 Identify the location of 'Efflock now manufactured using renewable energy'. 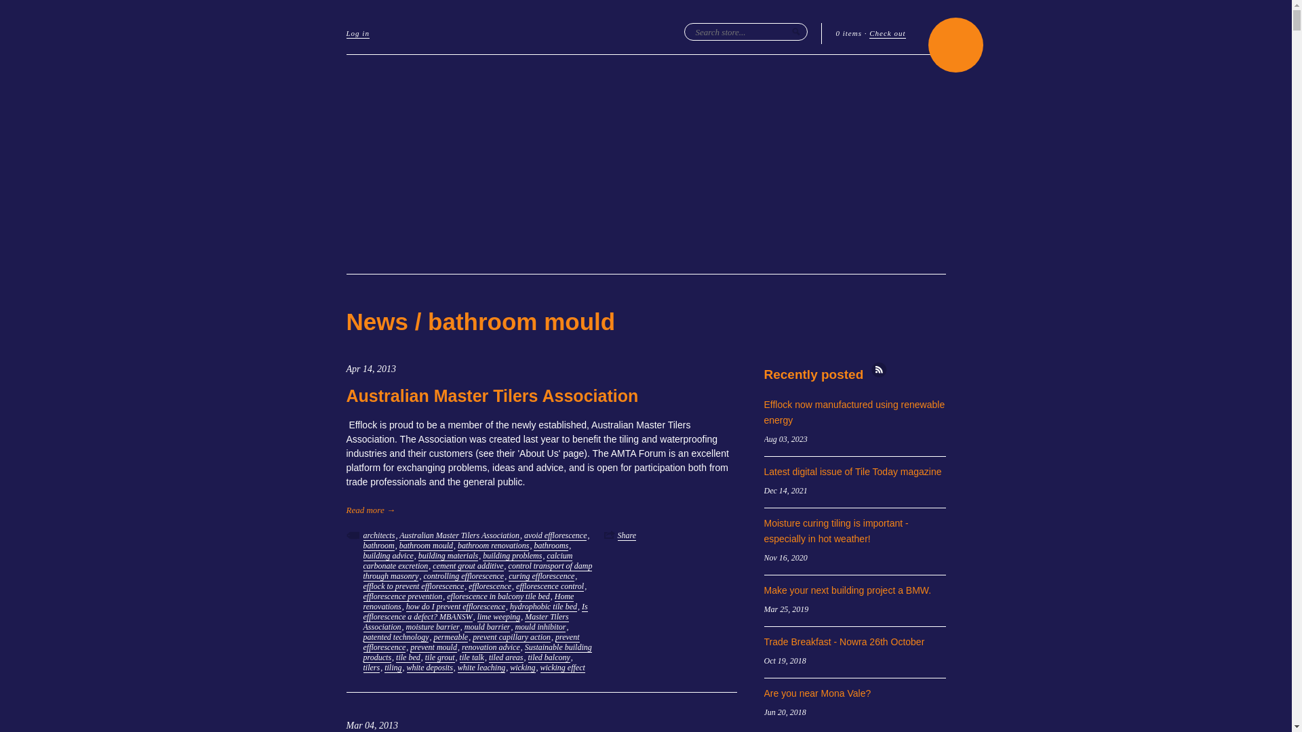
(853, 411).